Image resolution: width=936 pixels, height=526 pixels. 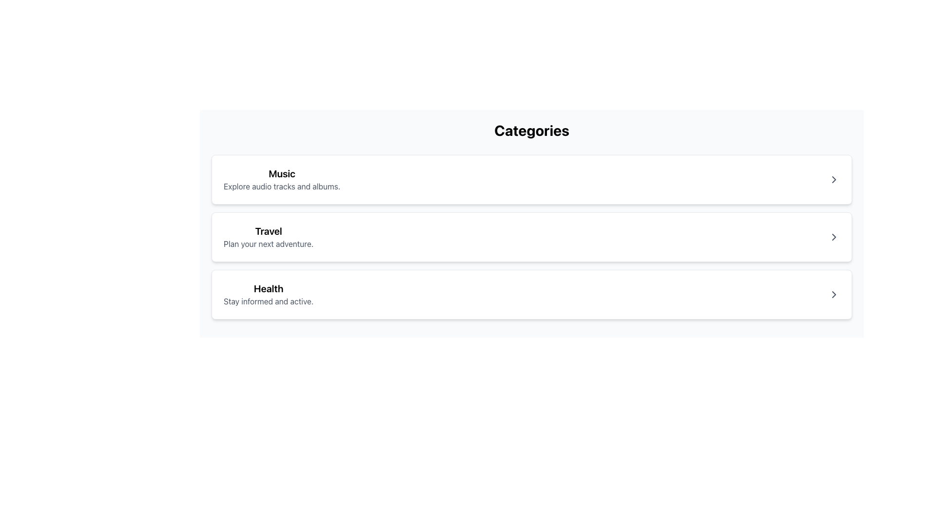 What do you see at coordinates (833, 294) in the screenshot?
I see `the rightward-pointing chevron icon located on the far right side of the 'Health' category list item within the 'Categories' section` at bounding box center [833, 294].